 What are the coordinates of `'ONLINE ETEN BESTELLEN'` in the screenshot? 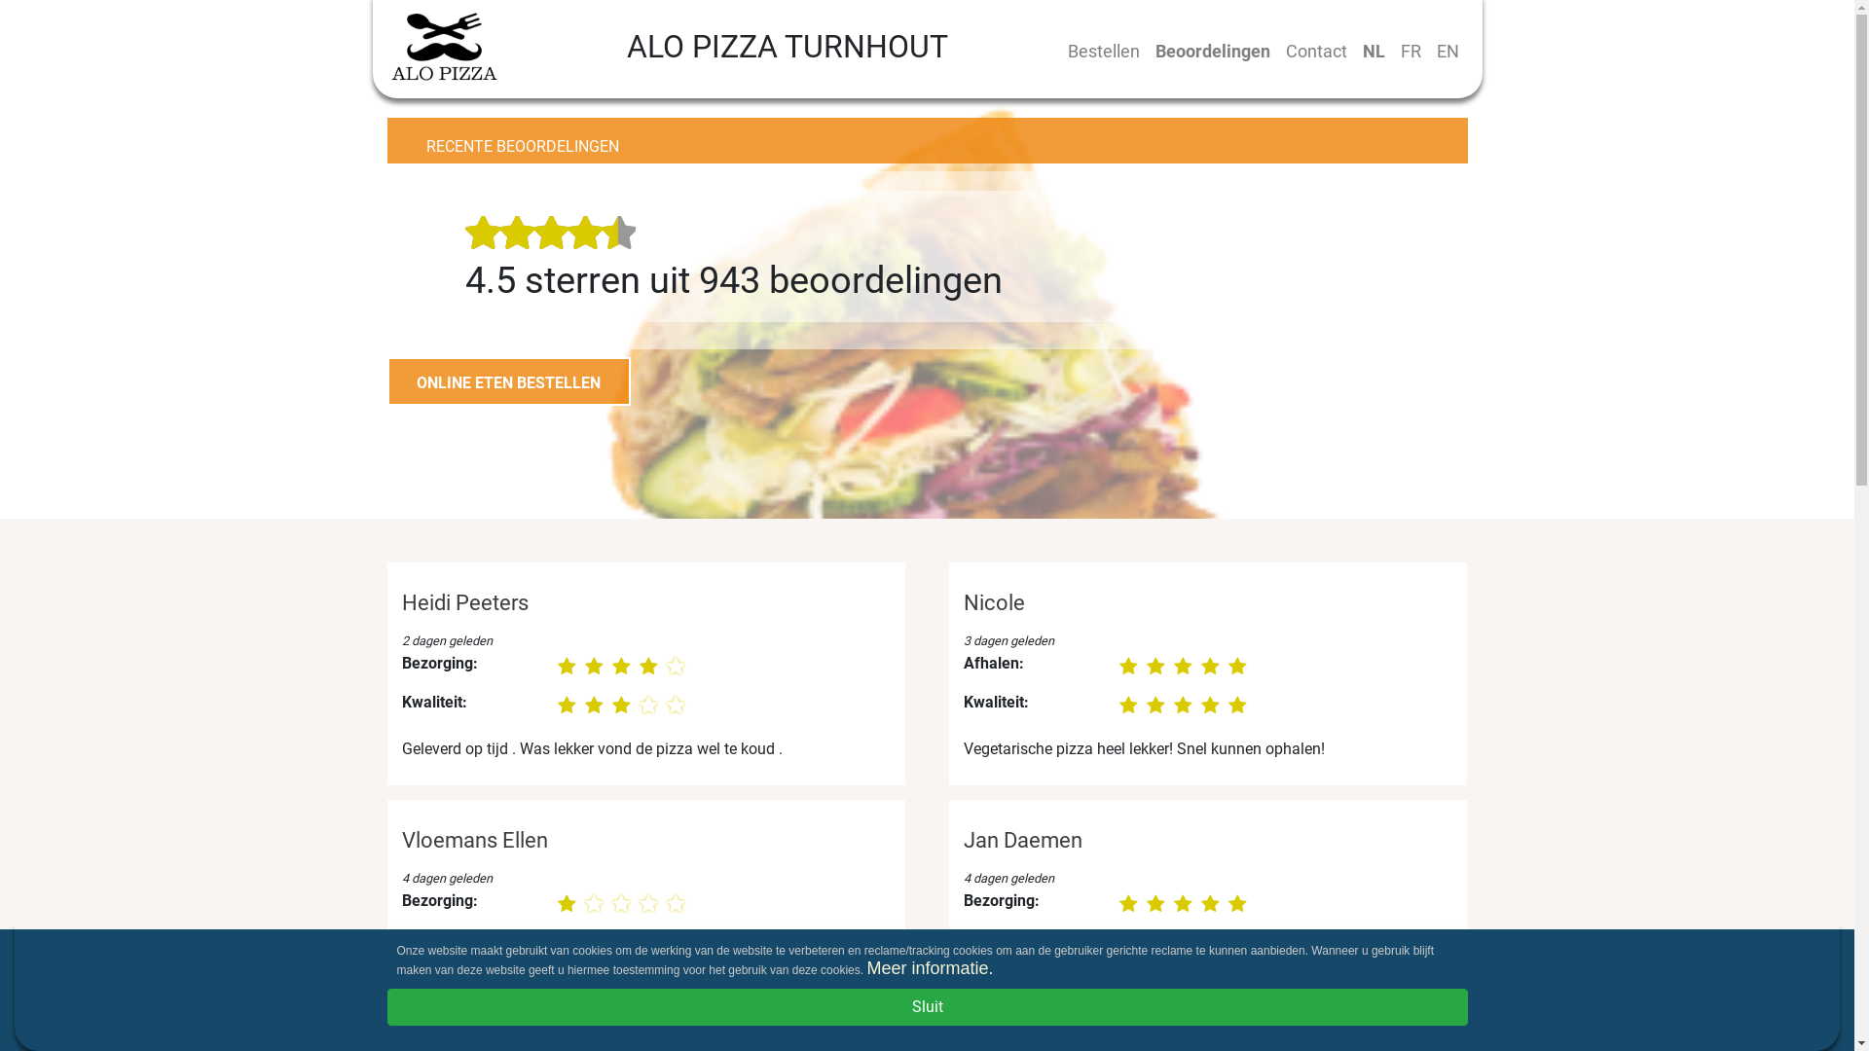 It's located at (509, 381).